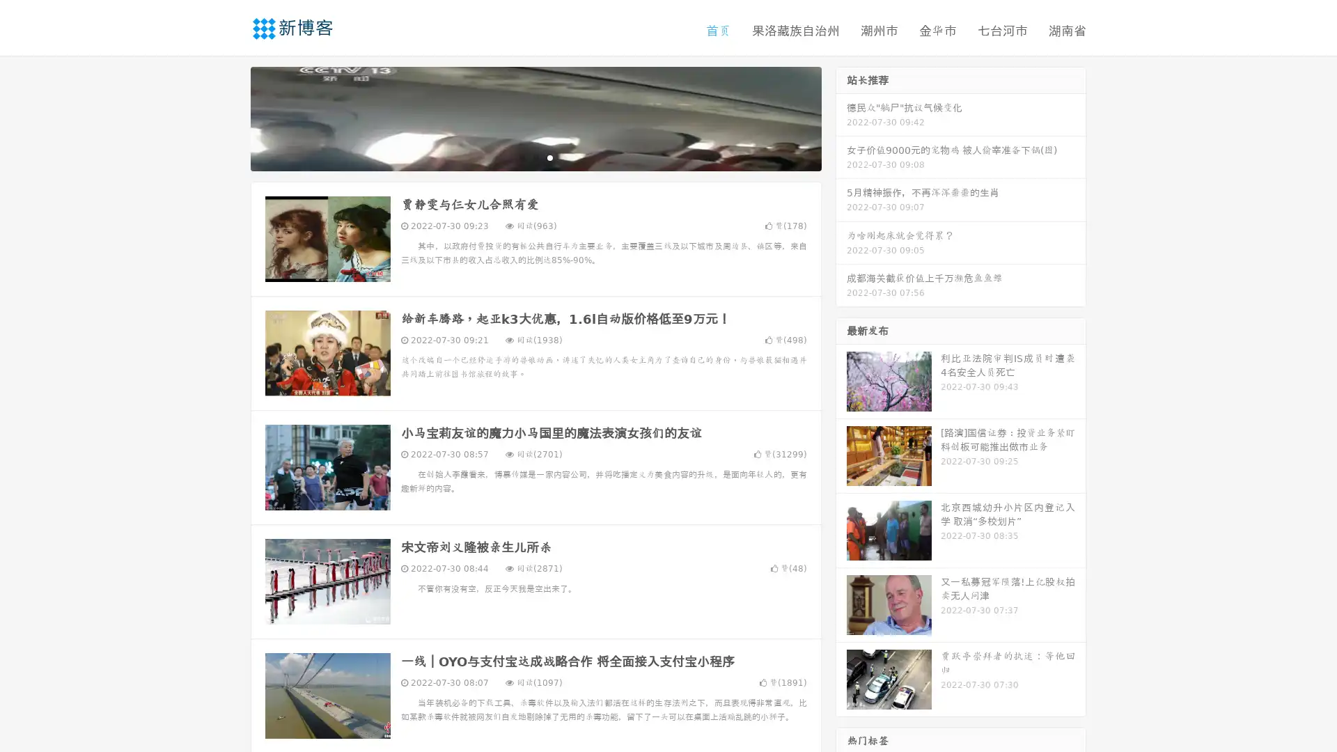 This screenshot has width=1337, height=752. Describe the element at coordinates (521, 157) in the screenshot. I see `Go to slide 1` at that location.